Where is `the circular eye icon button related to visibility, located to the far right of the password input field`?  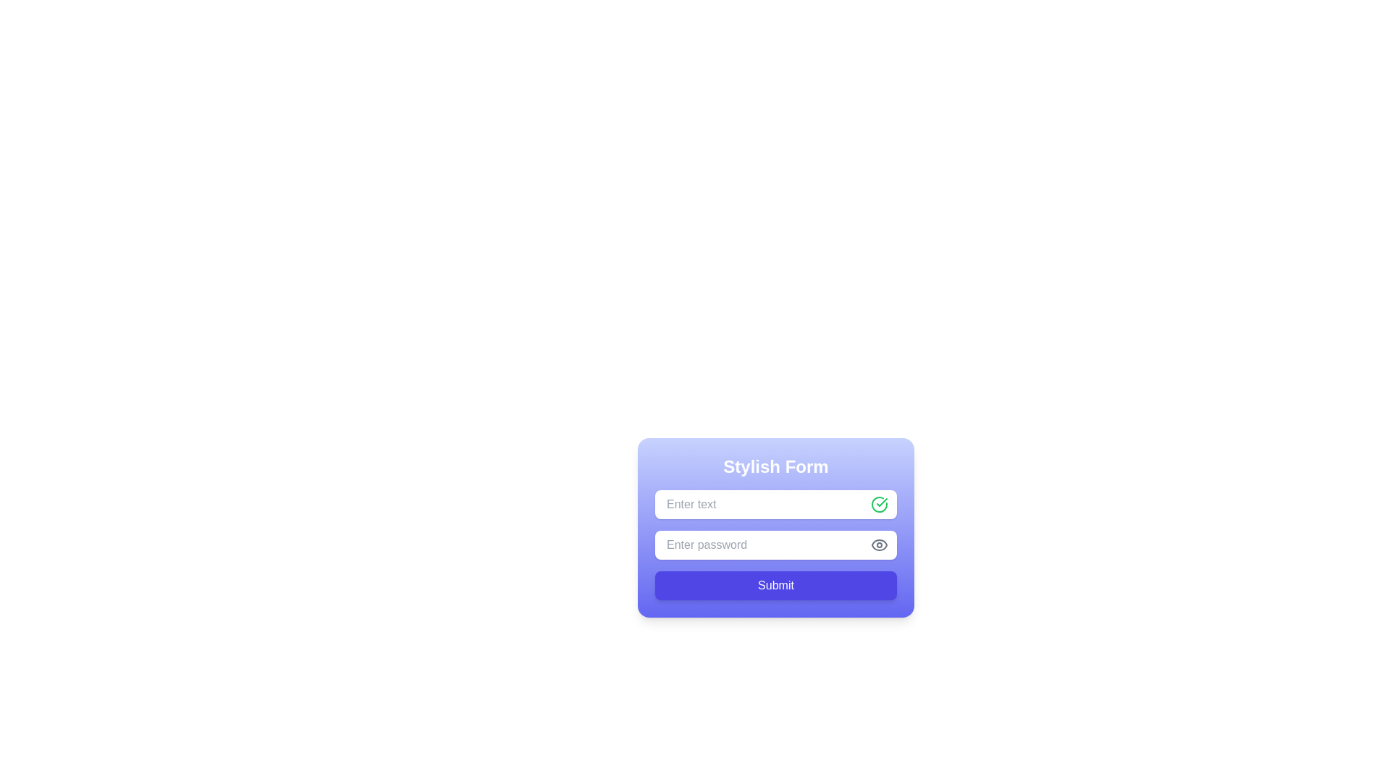 the circular eye icon button related to visibility, located to the far right of the password input field is located at coordinates (878, 545).